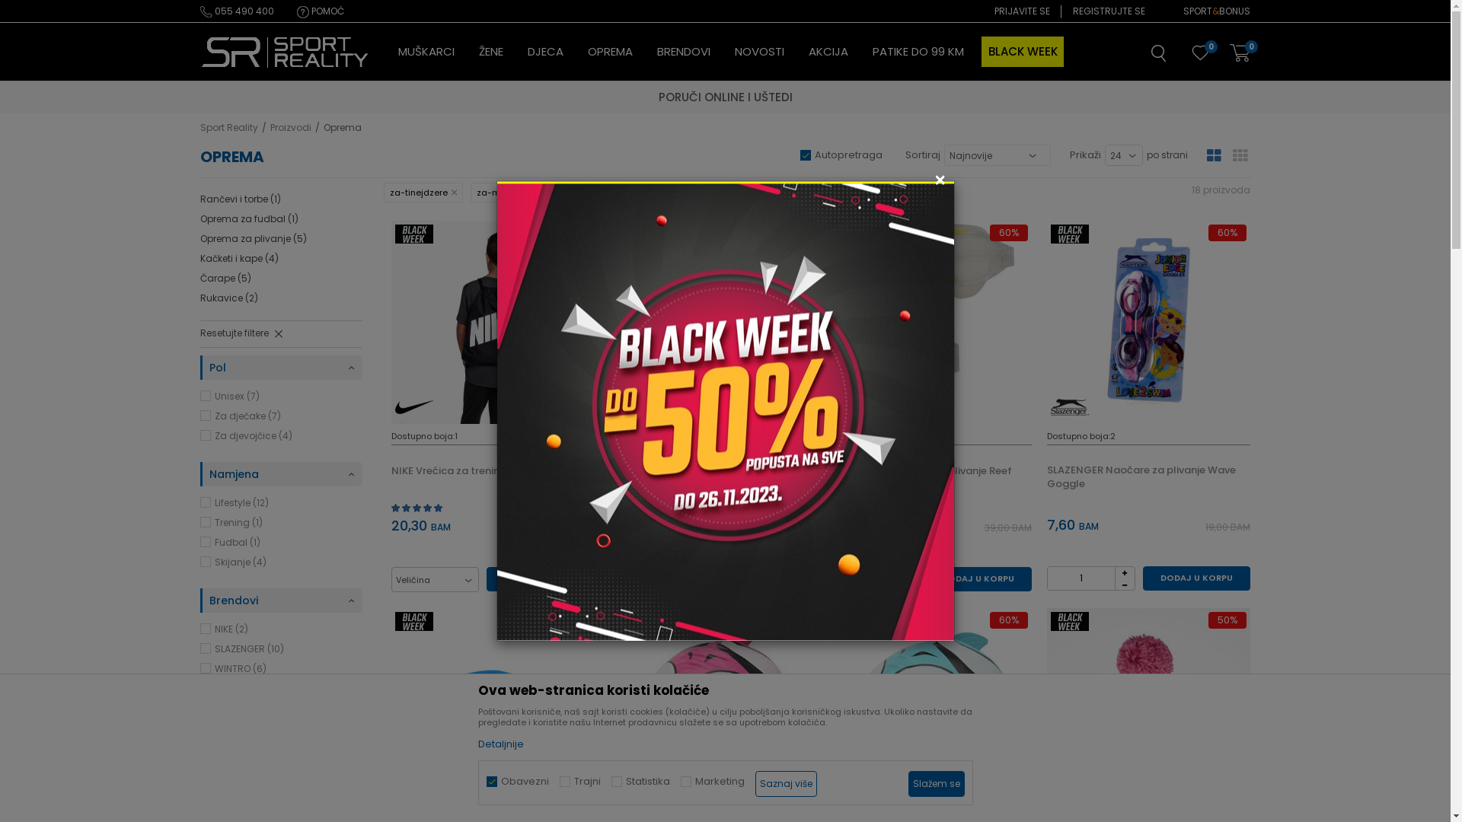  I want to click on 'Sport Reality', so click(285, 52).